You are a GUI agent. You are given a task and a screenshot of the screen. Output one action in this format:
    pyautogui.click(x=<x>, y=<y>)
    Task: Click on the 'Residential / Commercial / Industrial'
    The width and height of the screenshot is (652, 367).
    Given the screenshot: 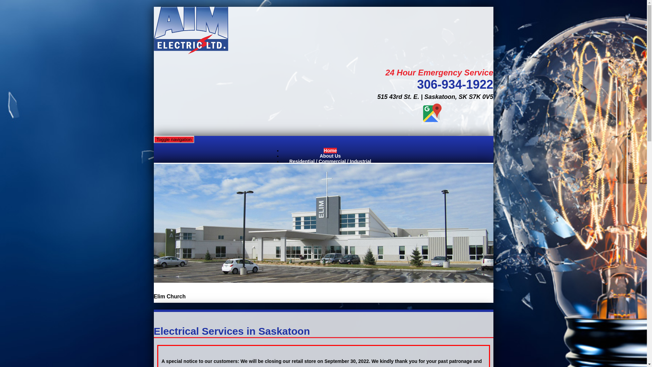 What is the action you would take?
    pyautogui.click(x=330, y=161)
    